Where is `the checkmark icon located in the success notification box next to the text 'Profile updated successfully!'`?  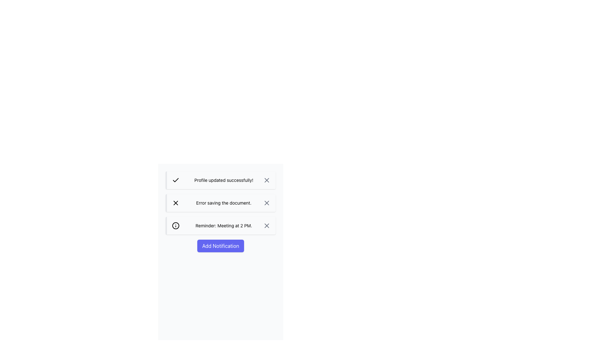
the checkmark icon located in the success notification box next to the text 'Profile updated successfully!' is located at coordinates (176, 180).